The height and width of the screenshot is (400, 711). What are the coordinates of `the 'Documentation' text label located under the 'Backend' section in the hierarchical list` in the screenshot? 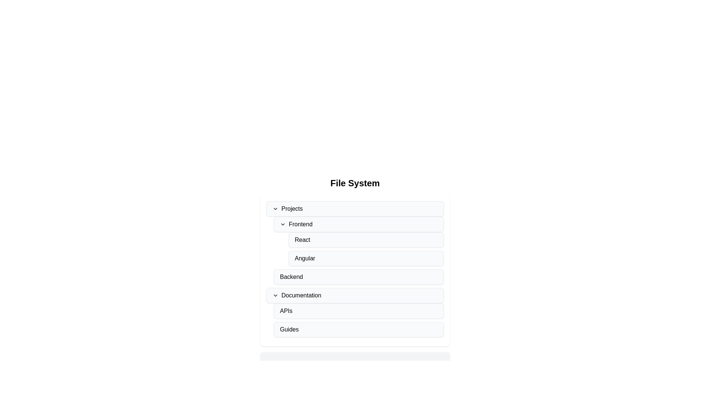 It's located at (301, 295).